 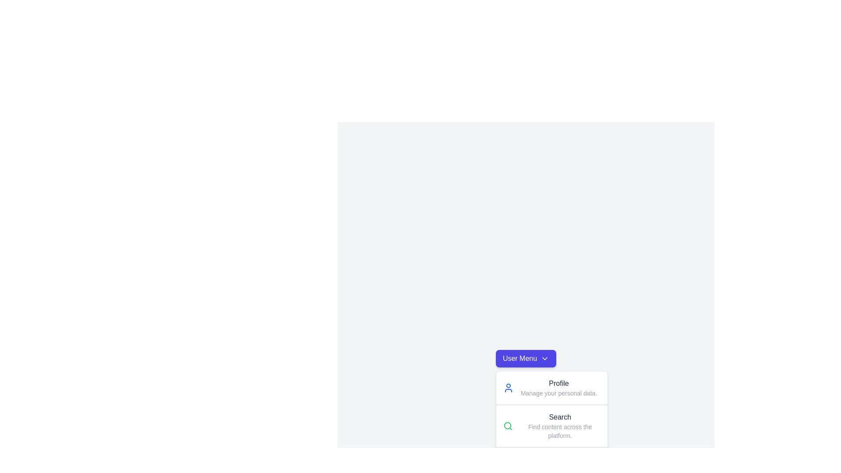 I want to click on the label that contains the bold text 'Search' and the smaller light gray text 'Find content across the platform.' located in the dropdown menu below the 'User Menu' button, so click(x=559, y=425).